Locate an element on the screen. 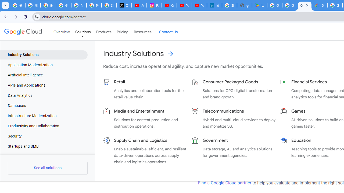 Image resolution: width=344 pixels, height=193 pixels. 'See all solutions' is located at coordinates (48, 168).